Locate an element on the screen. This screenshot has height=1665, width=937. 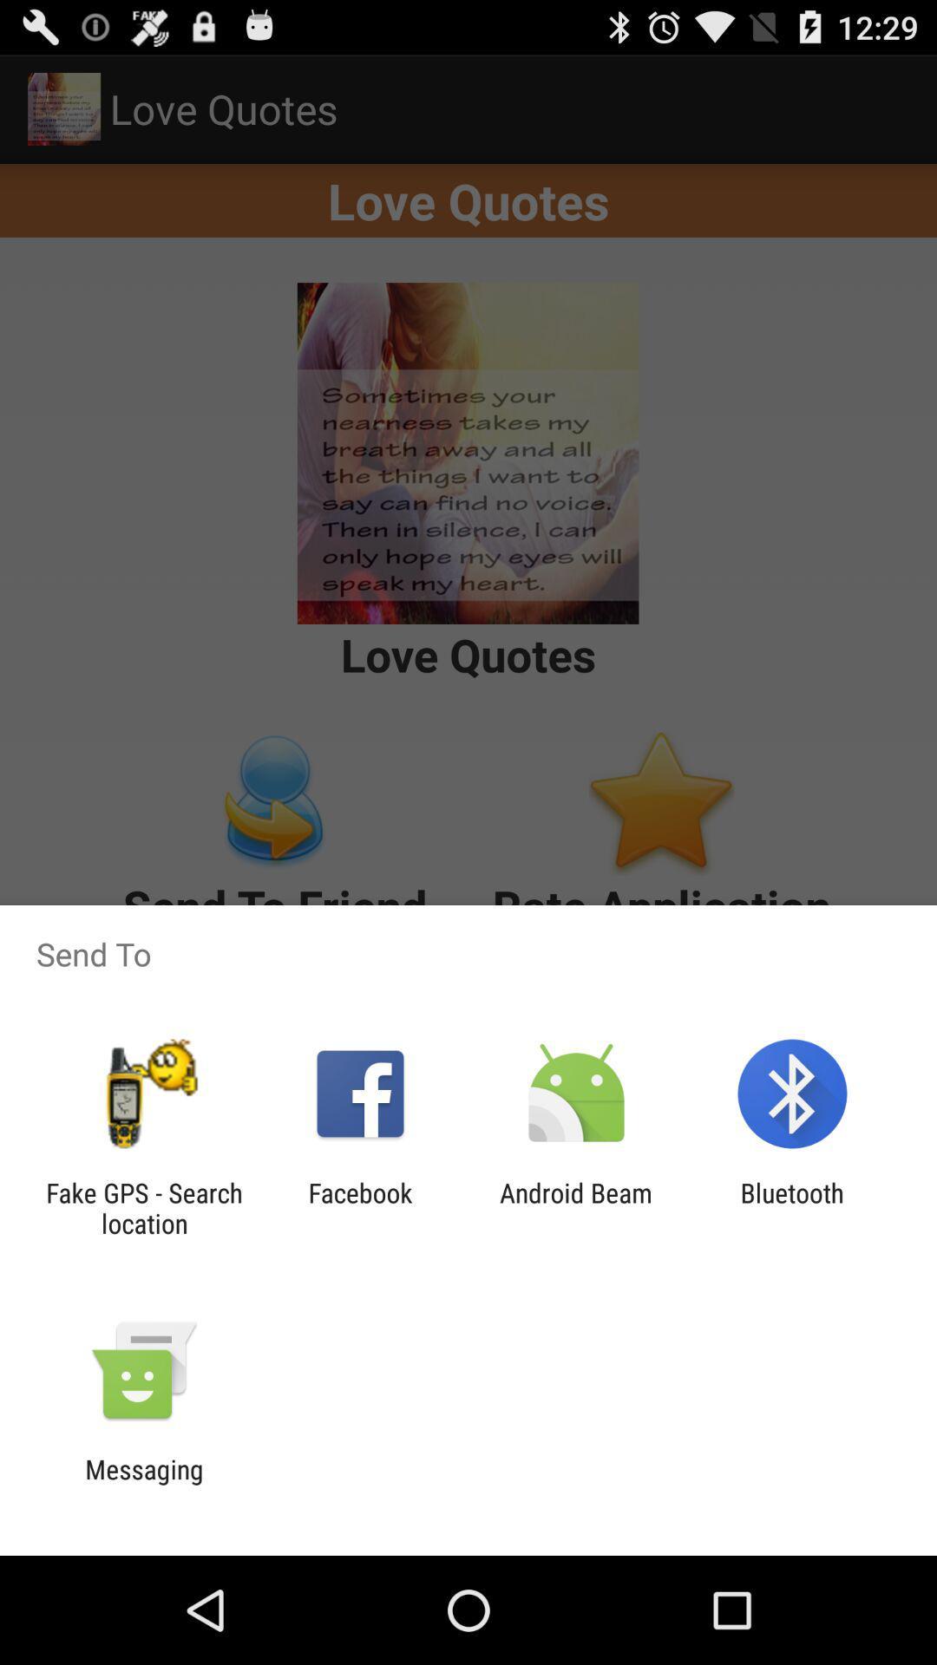
android beam icon is located at coordinates (576, 1207).